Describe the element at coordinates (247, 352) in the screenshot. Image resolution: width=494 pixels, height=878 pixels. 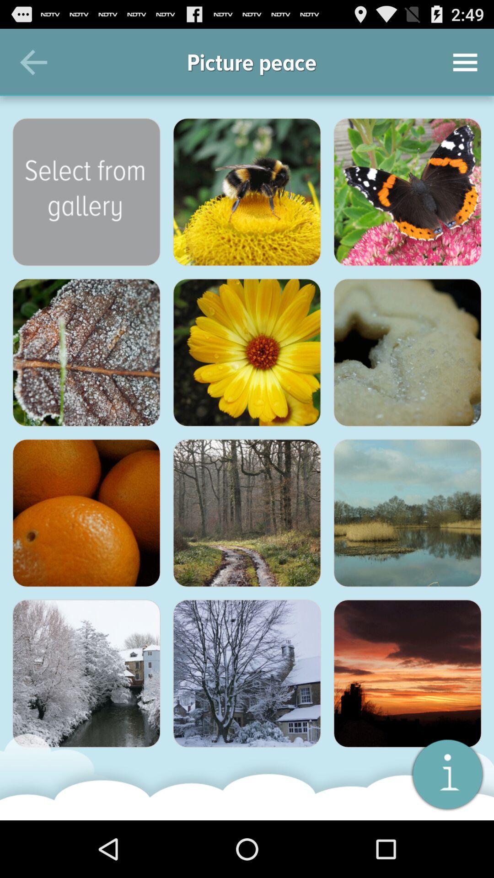
I see `this thumbnail` at that location.